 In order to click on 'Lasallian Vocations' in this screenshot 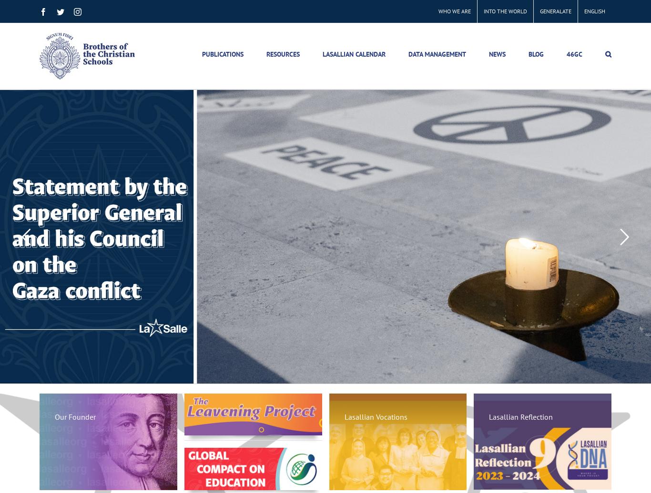, I will do `click(376, 417)`.